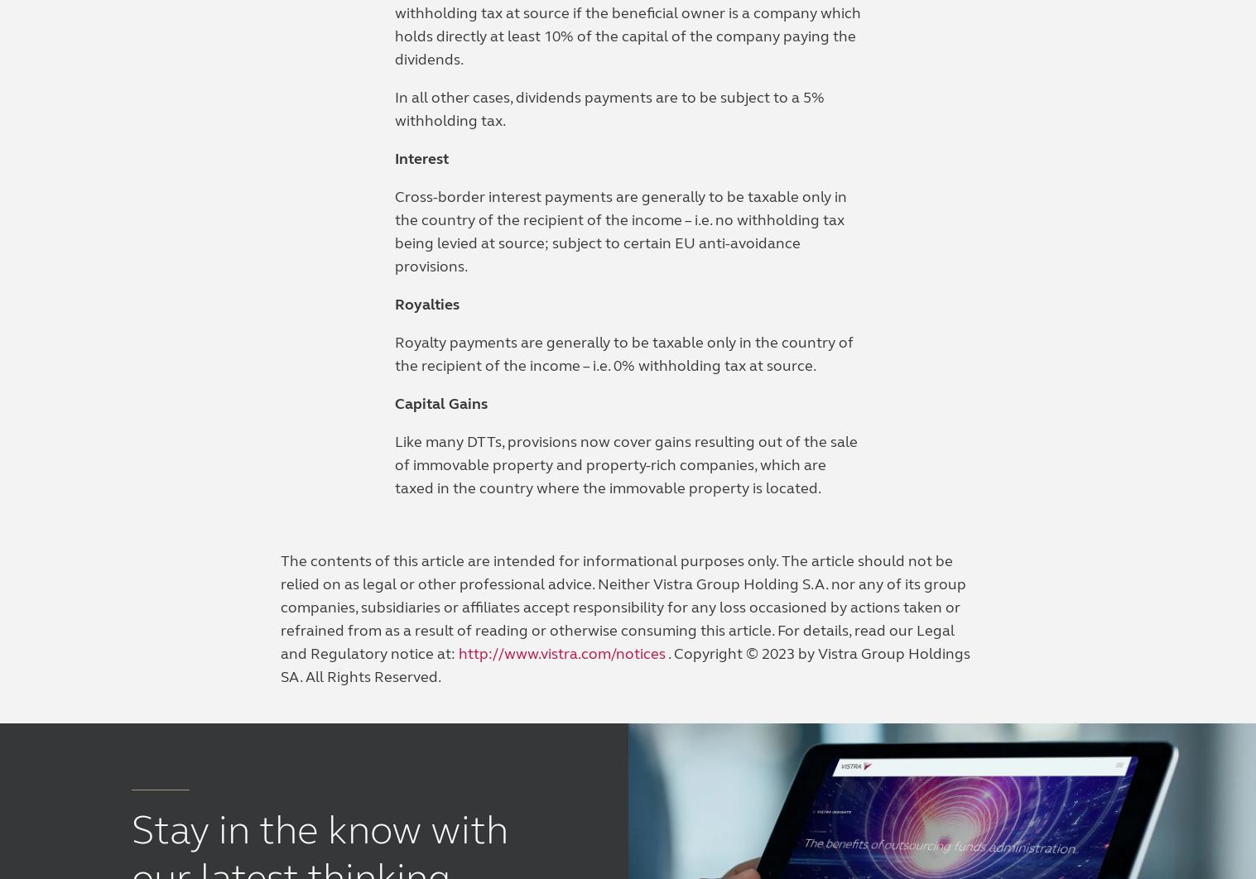  What do you see at coordinates (673, 501) in the screenshot?
I see `'Our people'` at bounding box center [673, 501].